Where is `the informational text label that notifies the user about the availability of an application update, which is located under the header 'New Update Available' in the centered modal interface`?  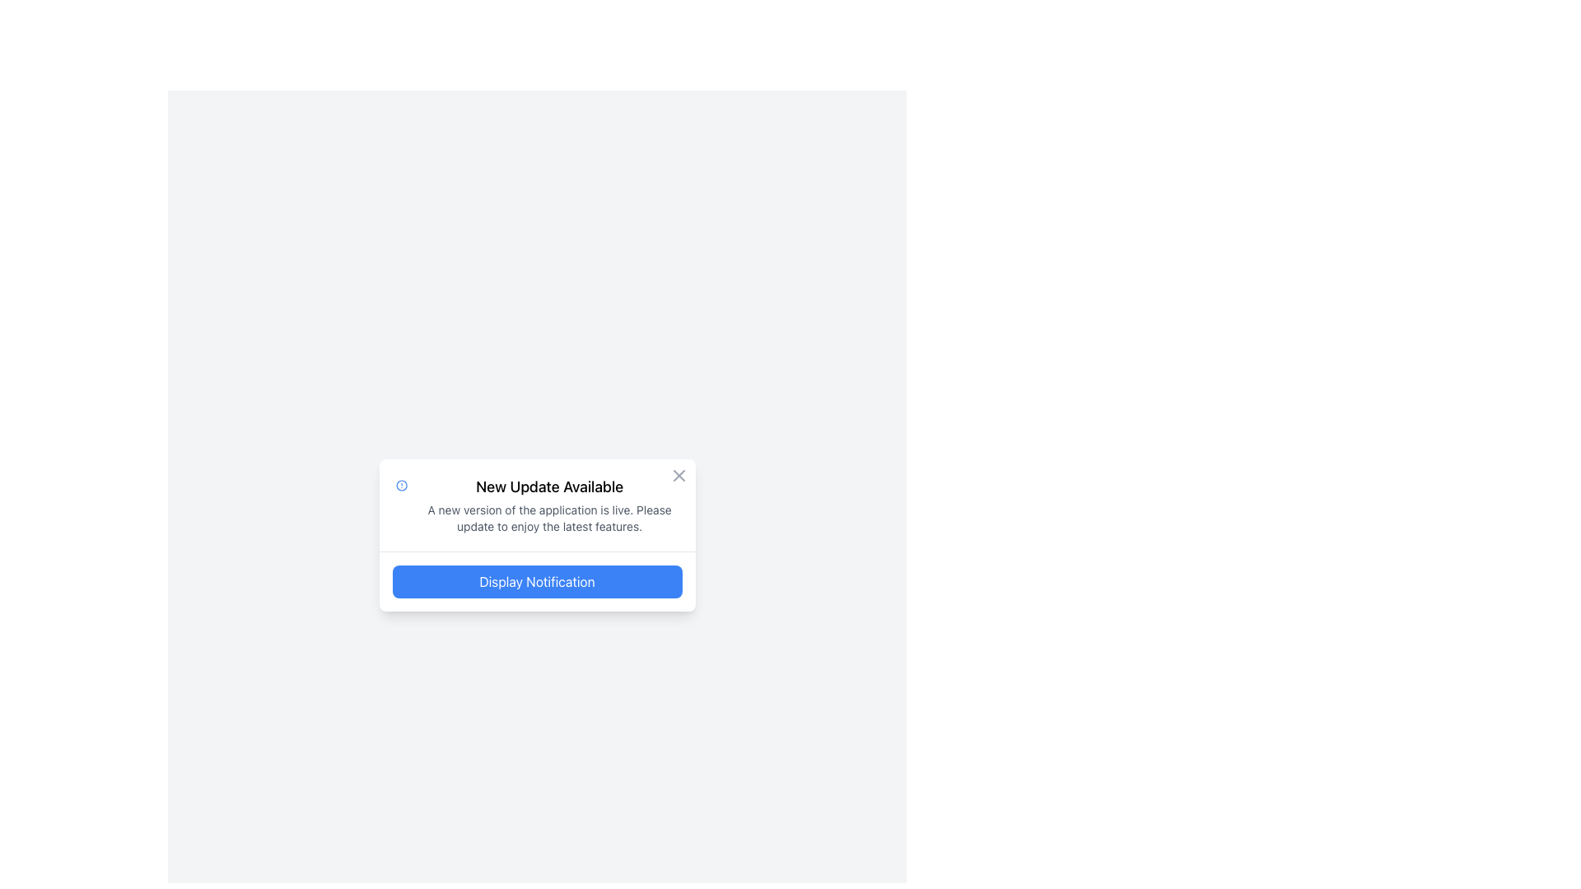 the informational text label that notifies the user about the availability of an application update, which is located under the header 'New Update Available' in the centered modal interface is located at coordinates (549, 517).